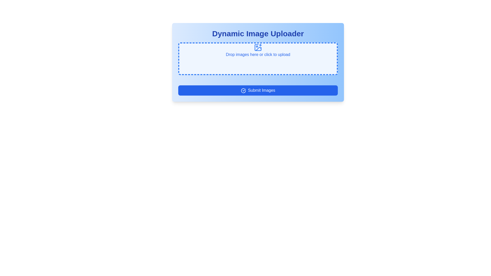  Describe the element at coordinates (258, 90) in the screenshot. I see `the submit button located at the bottom of the 'Dynamic Image Uploader' panel` at that location.